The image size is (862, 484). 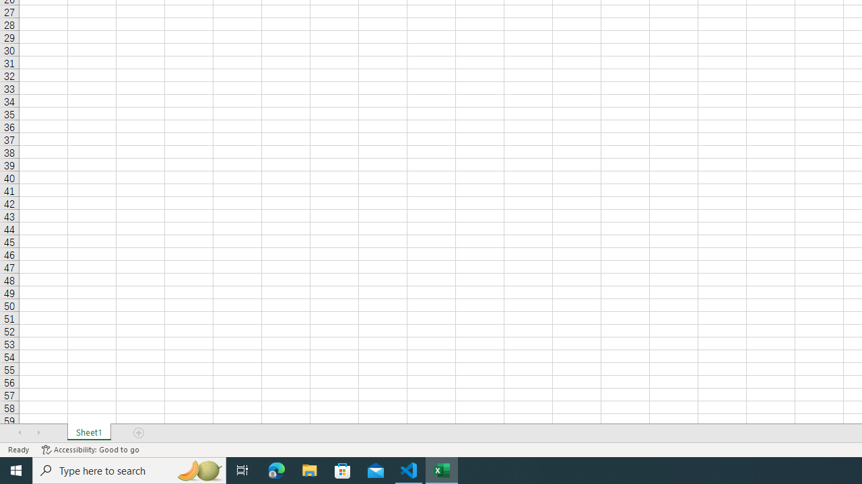 What do you see at coordinates (20, 433) in the screenshot?
I see `'Scroll Left'` at bounding box center [20, 433].